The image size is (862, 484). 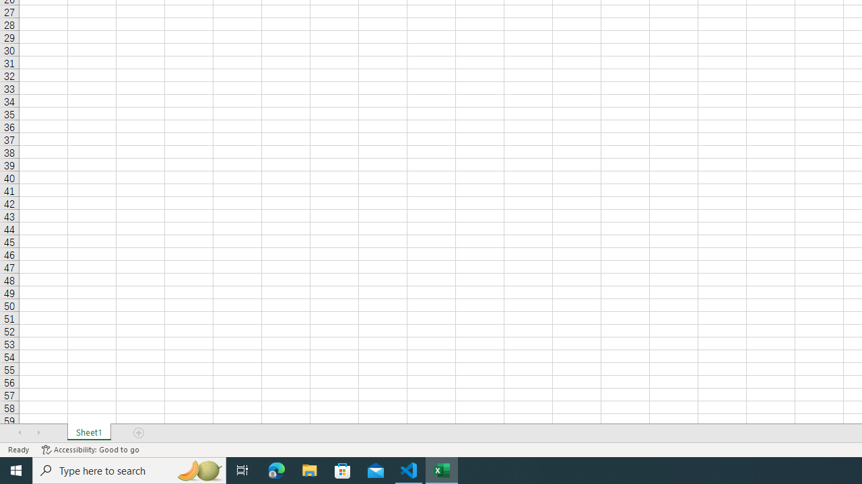 What do you see at coordinates (20, 433) in the screenshot?
I see `'Scroll Left'` at bounding box center [20, 433].